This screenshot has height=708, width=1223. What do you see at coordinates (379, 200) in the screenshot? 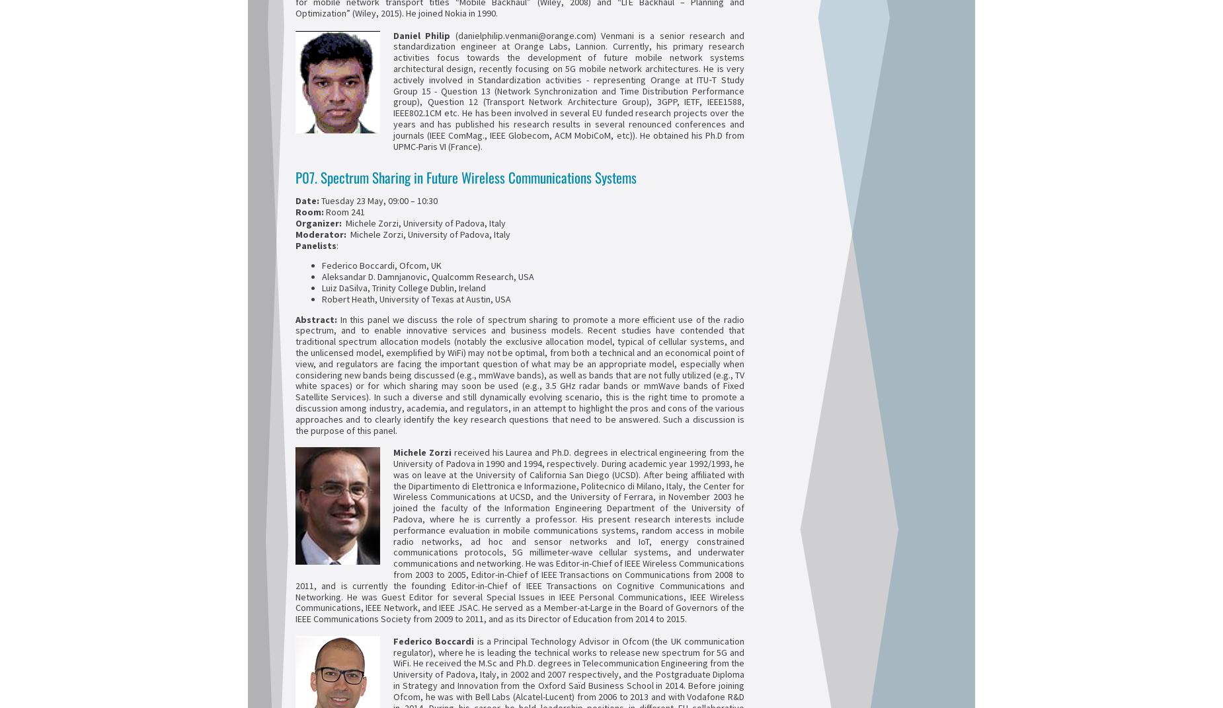
I see `'Tuesday 23 May, 09:00 – 10:30'` at bounding box center [379, 200].